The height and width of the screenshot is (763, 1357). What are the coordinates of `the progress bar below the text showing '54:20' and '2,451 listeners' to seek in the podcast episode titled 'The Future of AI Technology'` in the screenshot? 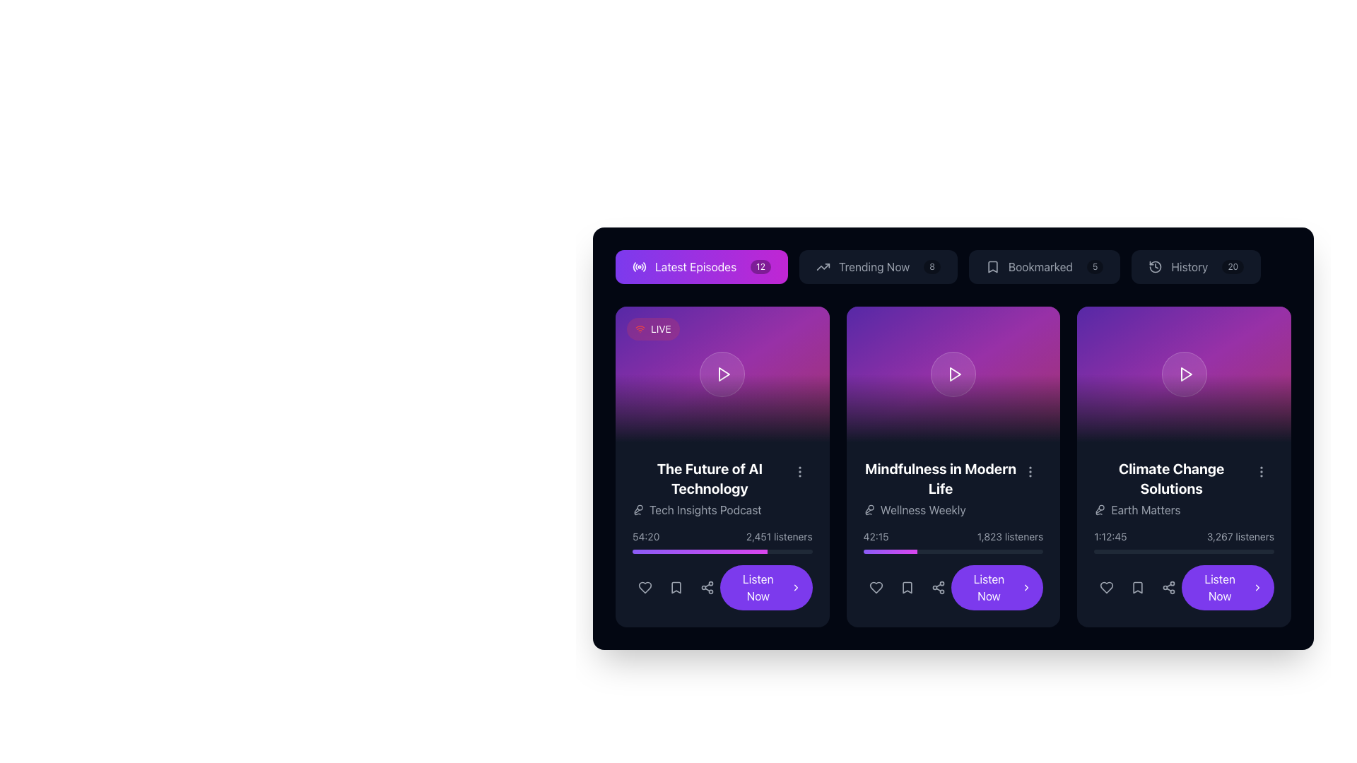 It's located at (722, 541).